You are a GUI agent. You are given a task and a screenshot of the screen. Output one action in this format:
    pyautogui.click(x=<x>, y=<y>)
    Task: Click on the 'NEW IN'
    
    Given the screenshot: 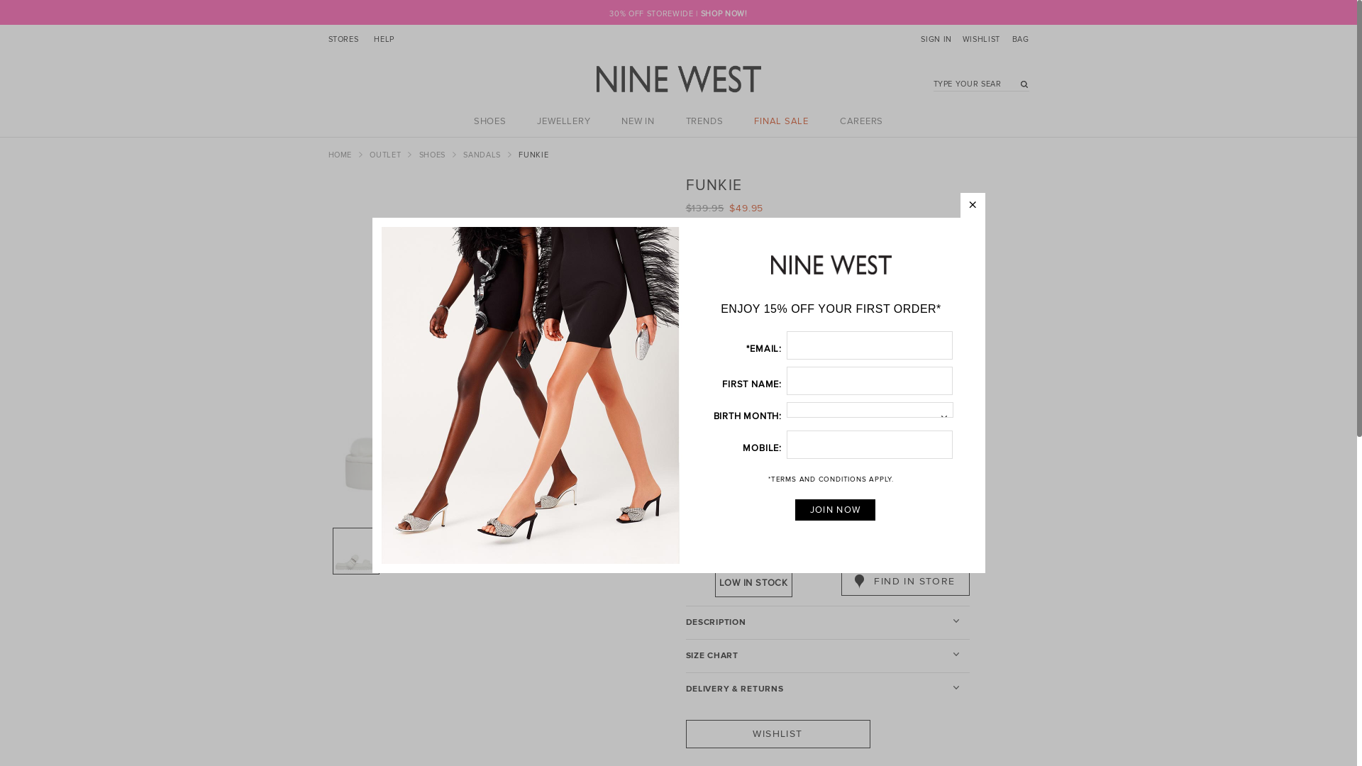 What is the action you would take?
    pyautogui.click(x=637, y=120)
    